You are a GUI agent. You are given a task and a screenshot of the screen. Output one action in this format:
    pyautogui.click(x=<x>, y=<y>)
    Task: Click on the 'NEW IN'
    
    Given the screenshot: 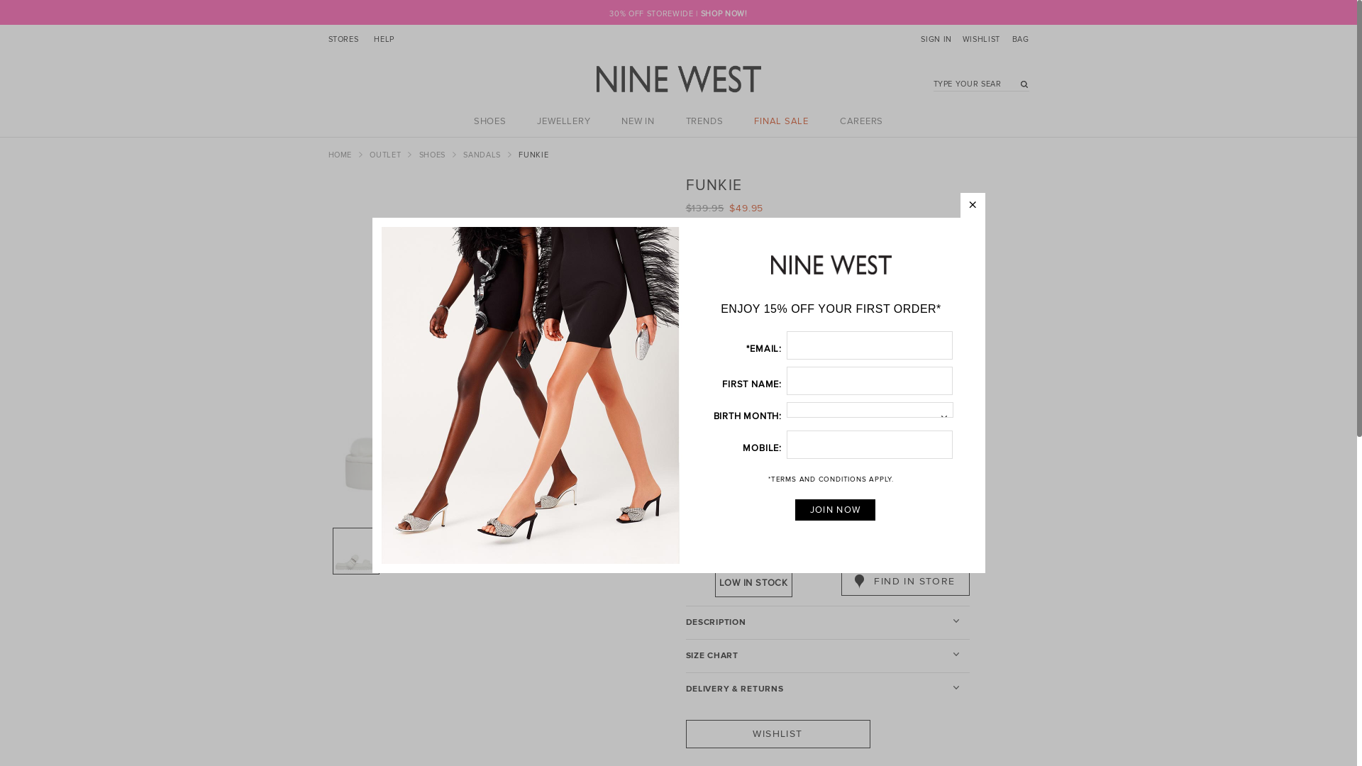 What is the action you would take?
    pyautogui.click(x=637, y=120)
    